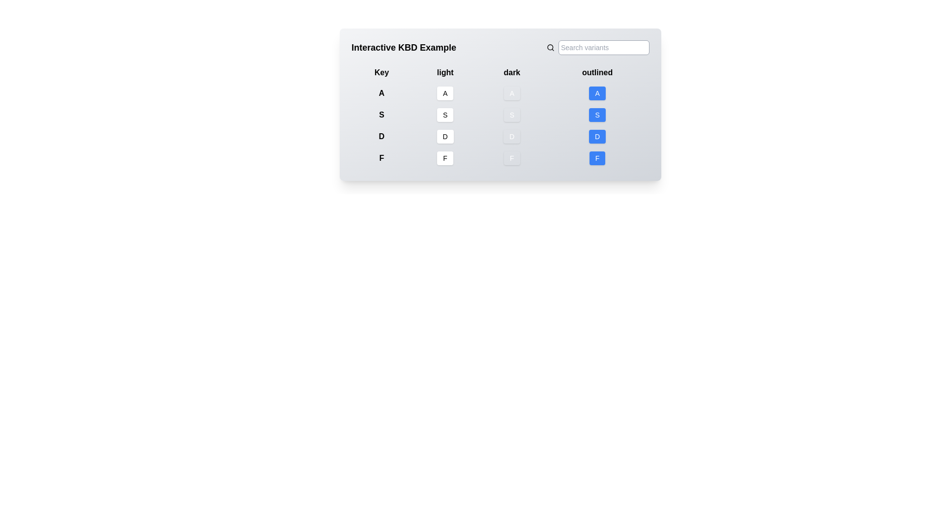  I want to click on the button labeled 'S' in the second row under the 'dark' column of the table with rounded shape and gray background, so click(500, 115).